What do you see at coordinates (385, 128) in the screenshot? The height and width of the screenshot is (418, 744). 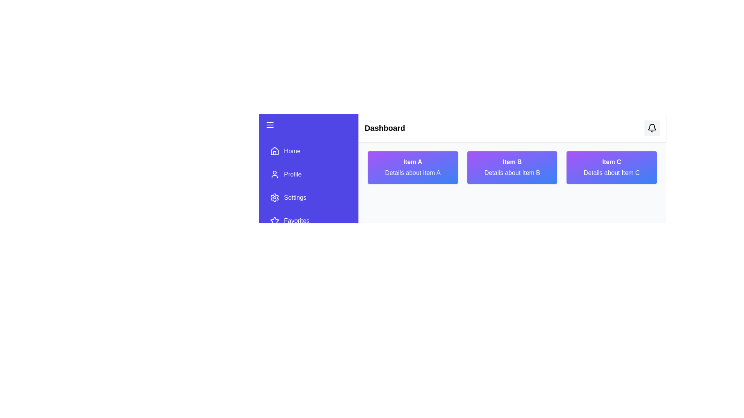 I see `the 'Dashboard' text label, which is a prominent element in the header area of the interface, displayed in bold and large font` at bounding box center [385, 128].